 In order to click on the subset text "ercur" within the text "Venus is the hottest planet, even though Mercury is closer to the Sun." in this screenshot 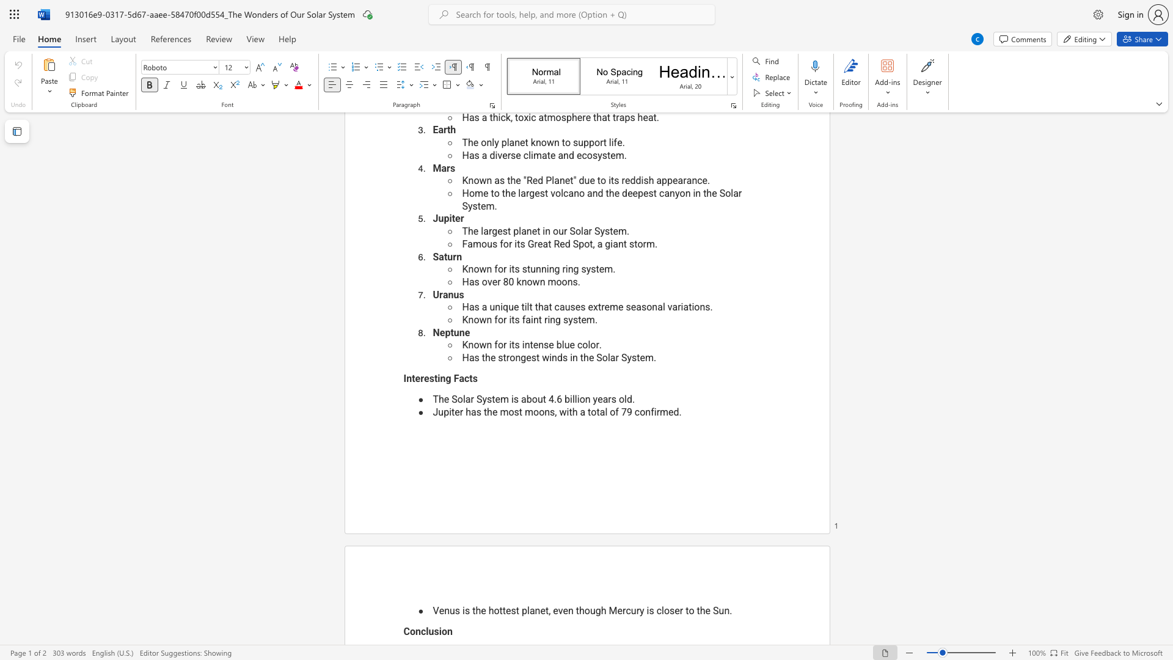, I will do `click(617, 610)`.